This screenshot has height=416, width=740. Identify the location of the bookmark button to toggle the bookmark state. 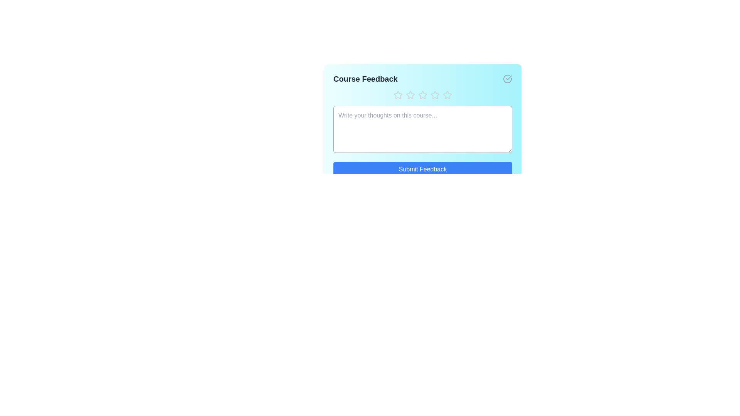
(507, 79).